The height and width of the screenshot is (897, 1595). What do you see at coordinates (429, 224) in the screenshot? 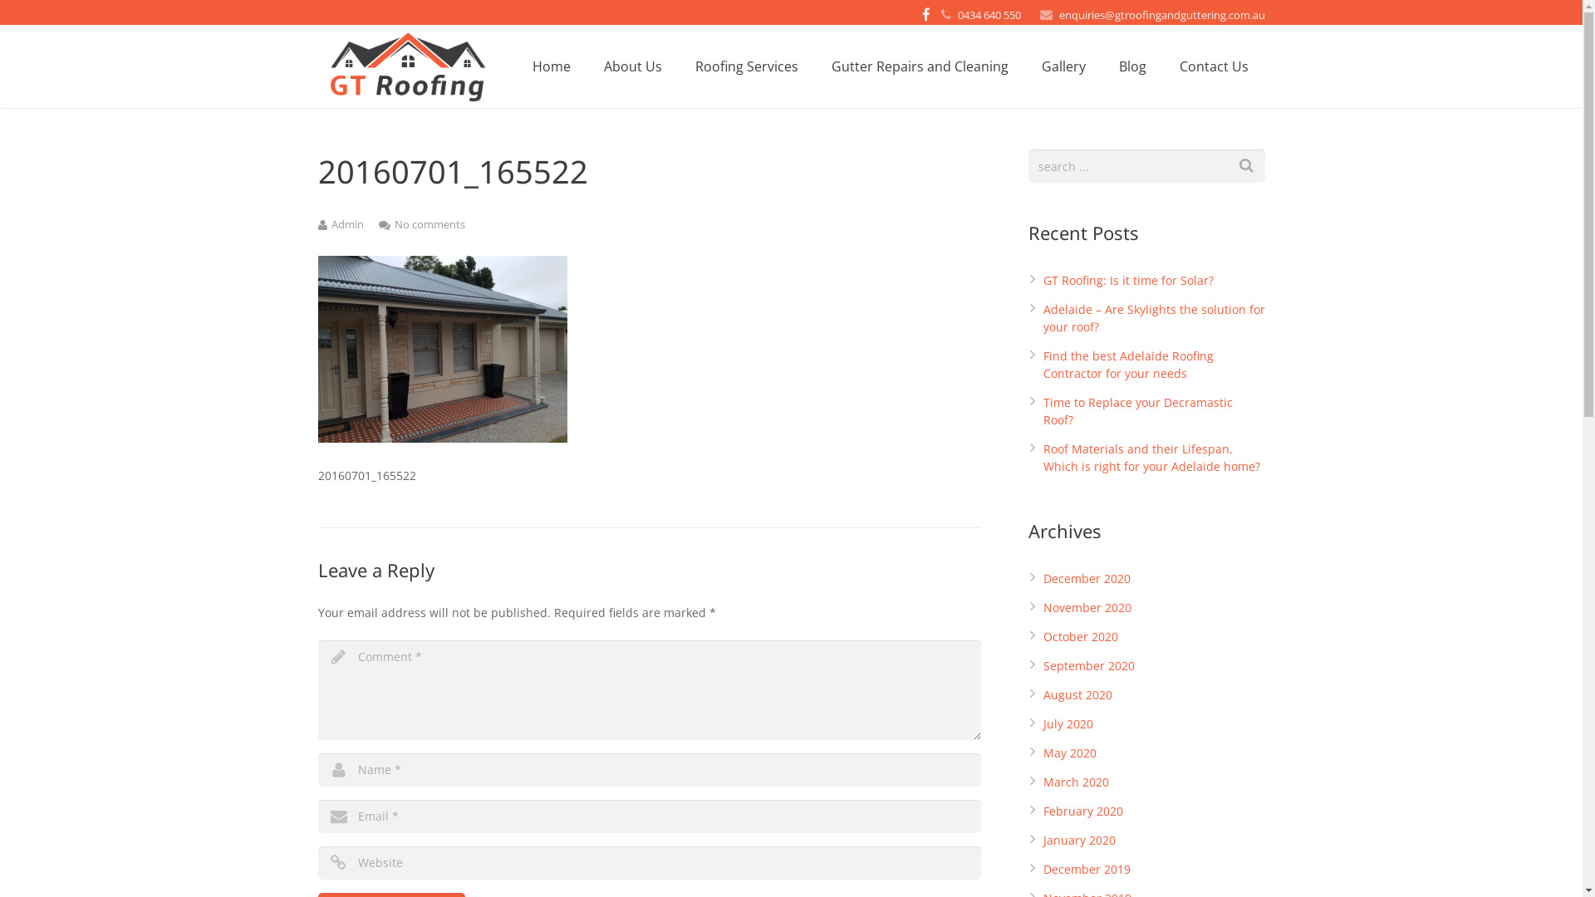
I see `'No comments'` at bounding box center [429, 224].